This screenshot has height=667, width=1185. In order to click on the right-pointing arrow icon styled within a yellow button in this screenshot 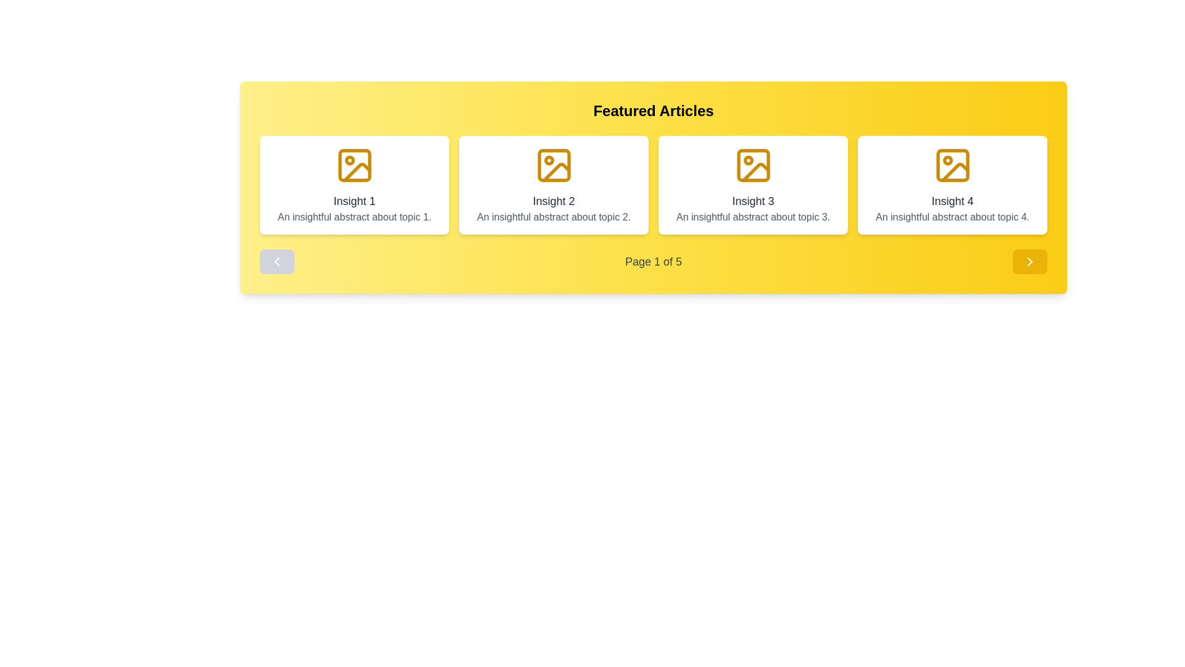, I will do `click(1030, 261)`.